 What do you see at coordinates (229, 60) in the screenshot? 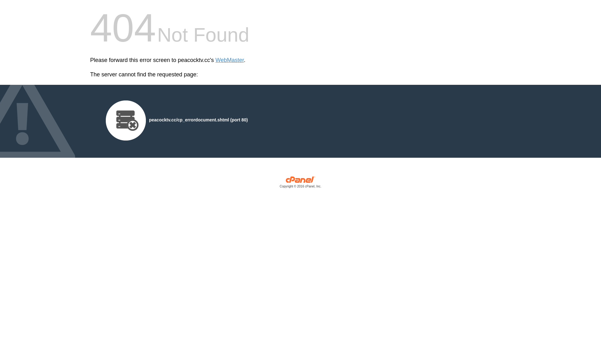
I see `'WebMaster'` at bounding box center [229, 60].